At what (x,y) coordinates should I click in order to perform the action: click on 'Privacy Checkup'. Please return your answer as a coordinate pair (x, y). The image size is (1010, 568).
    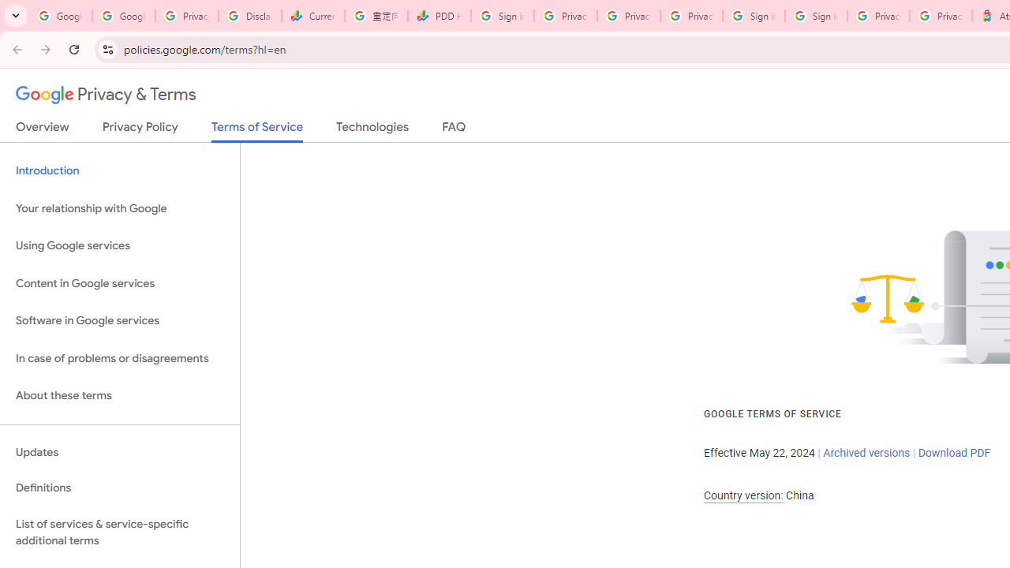
    Looking at the image, I should click on (627, 16).